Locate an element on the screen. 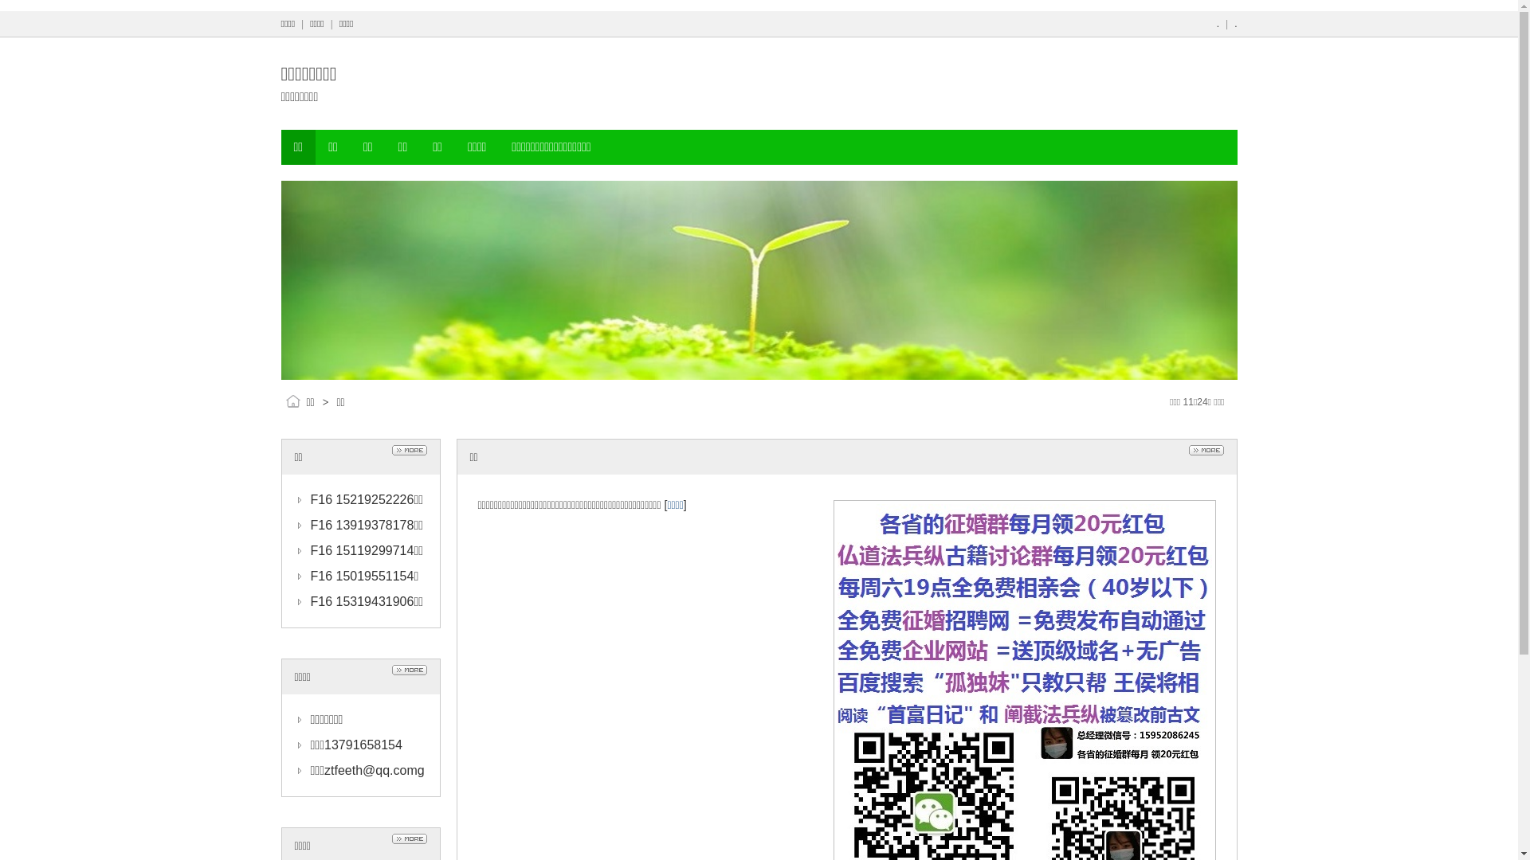 The image size is (1530, 860). '.' is located at coordinates (1234, 24).